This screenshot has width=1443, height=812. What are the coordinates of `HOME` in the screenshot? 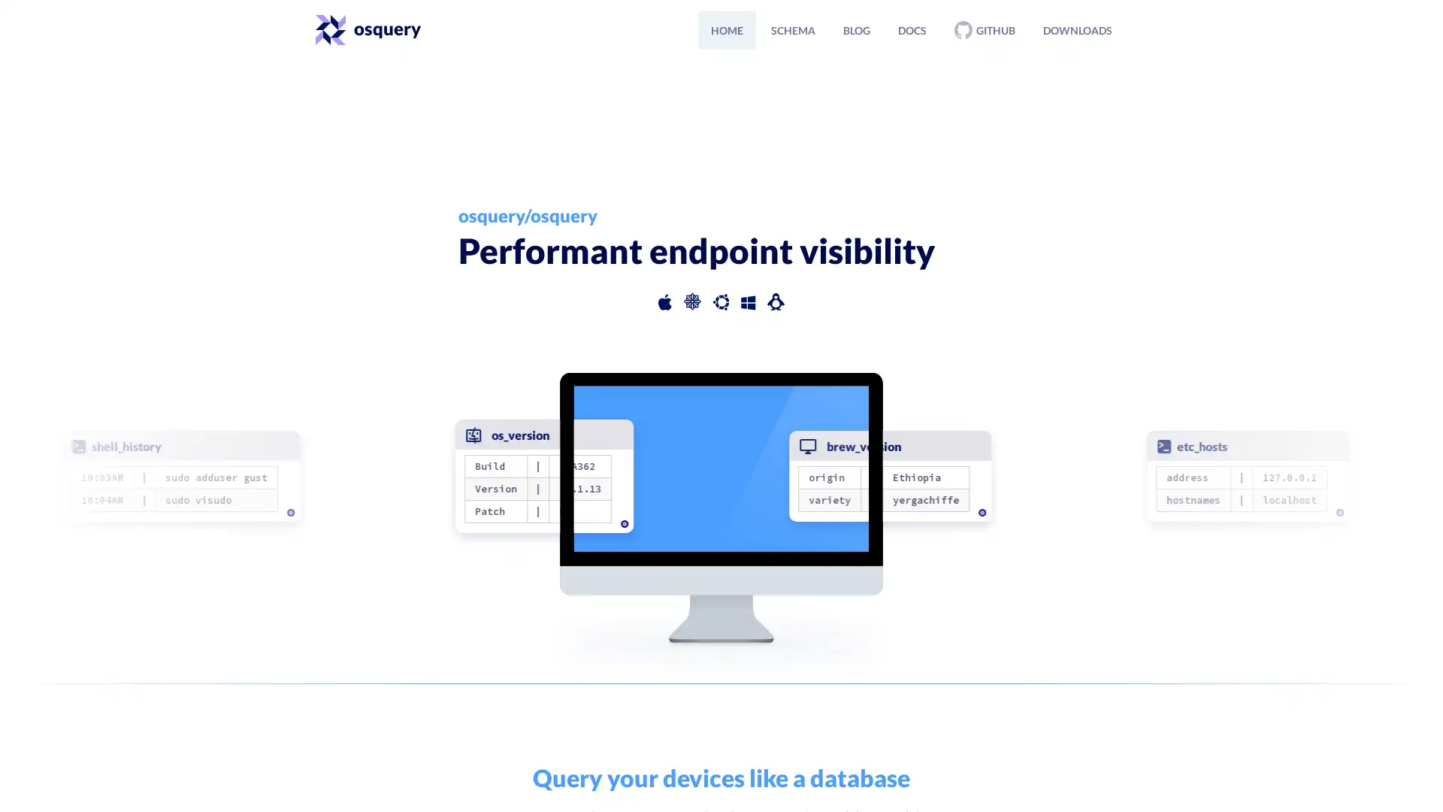 It's located at (727, 29).